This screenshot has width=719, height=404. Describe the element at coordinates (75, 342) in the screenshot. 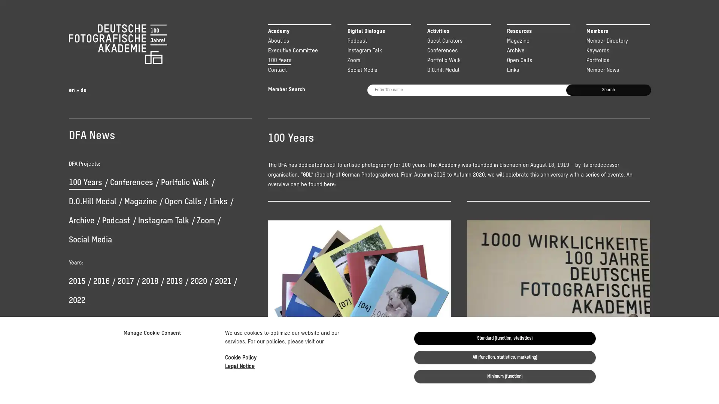

I see `Yes` at that location.